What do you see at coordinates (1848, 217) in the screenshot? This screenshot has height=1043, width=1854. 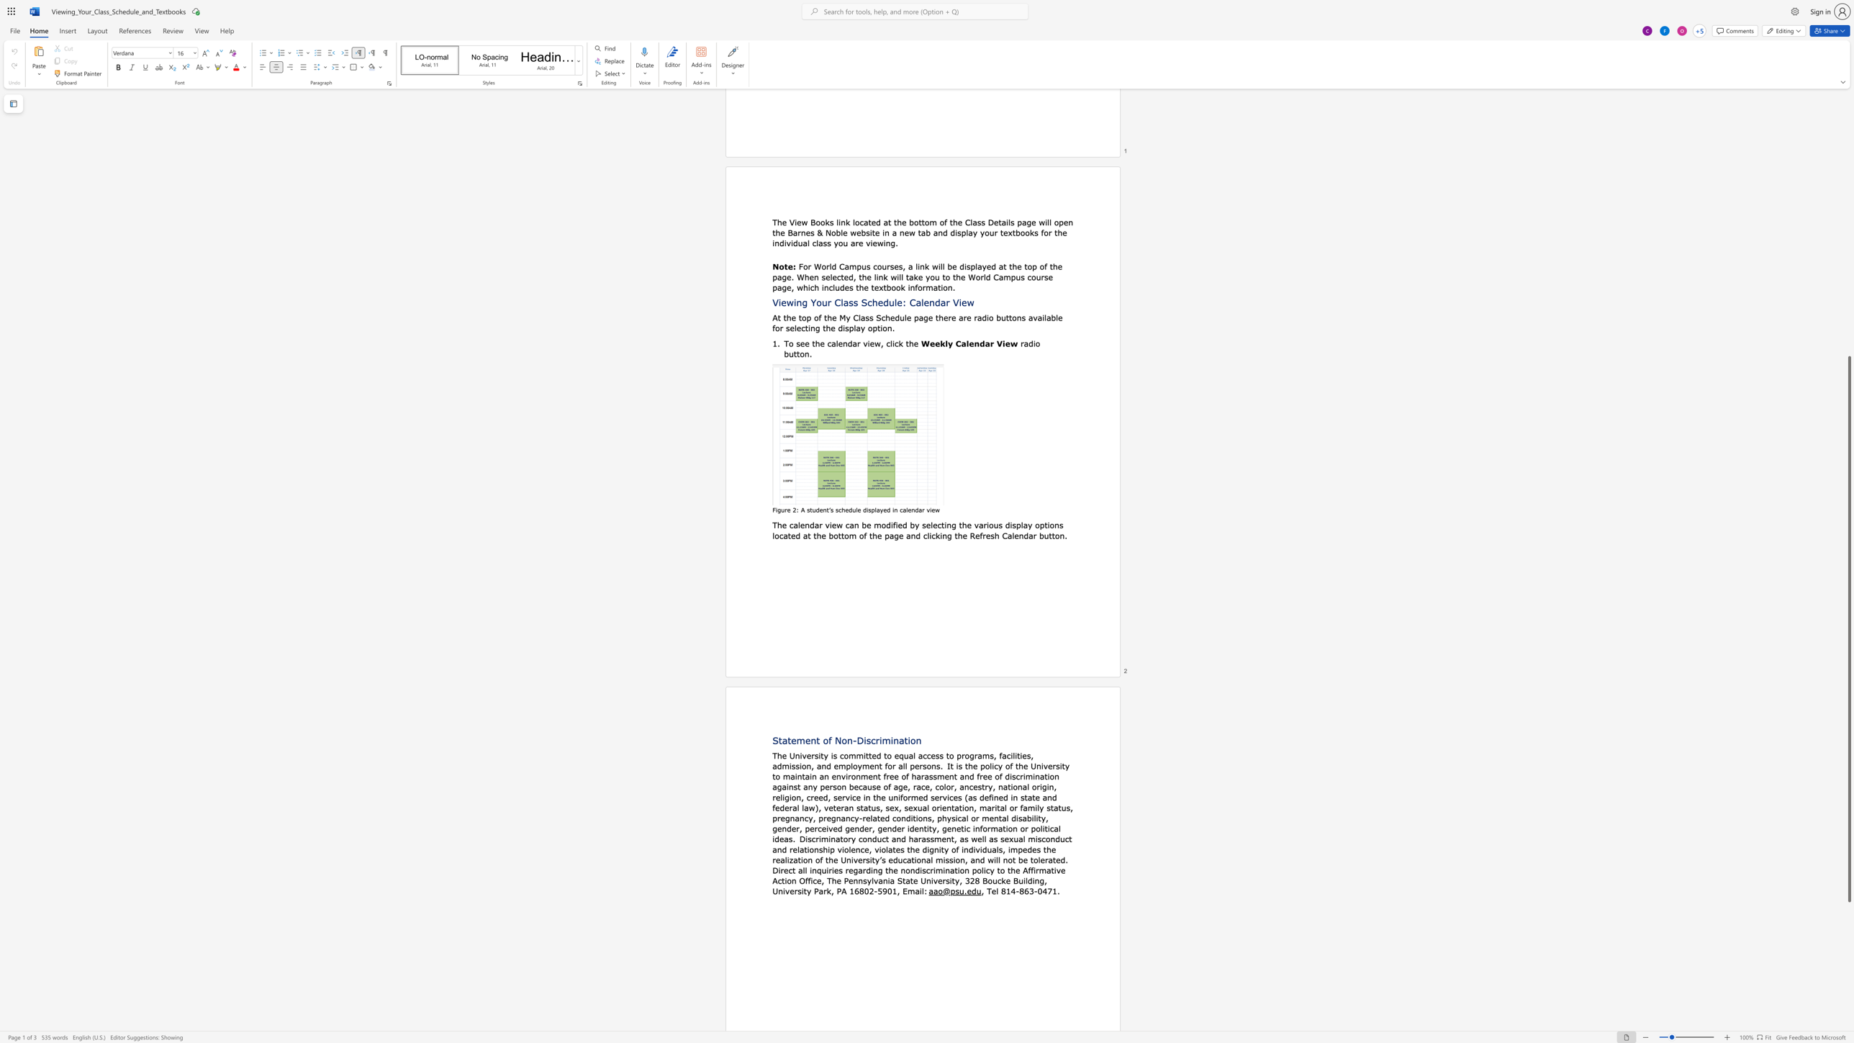 I see `the vertical scrollbar to raise the page content` at bounding box center [1848, 217].